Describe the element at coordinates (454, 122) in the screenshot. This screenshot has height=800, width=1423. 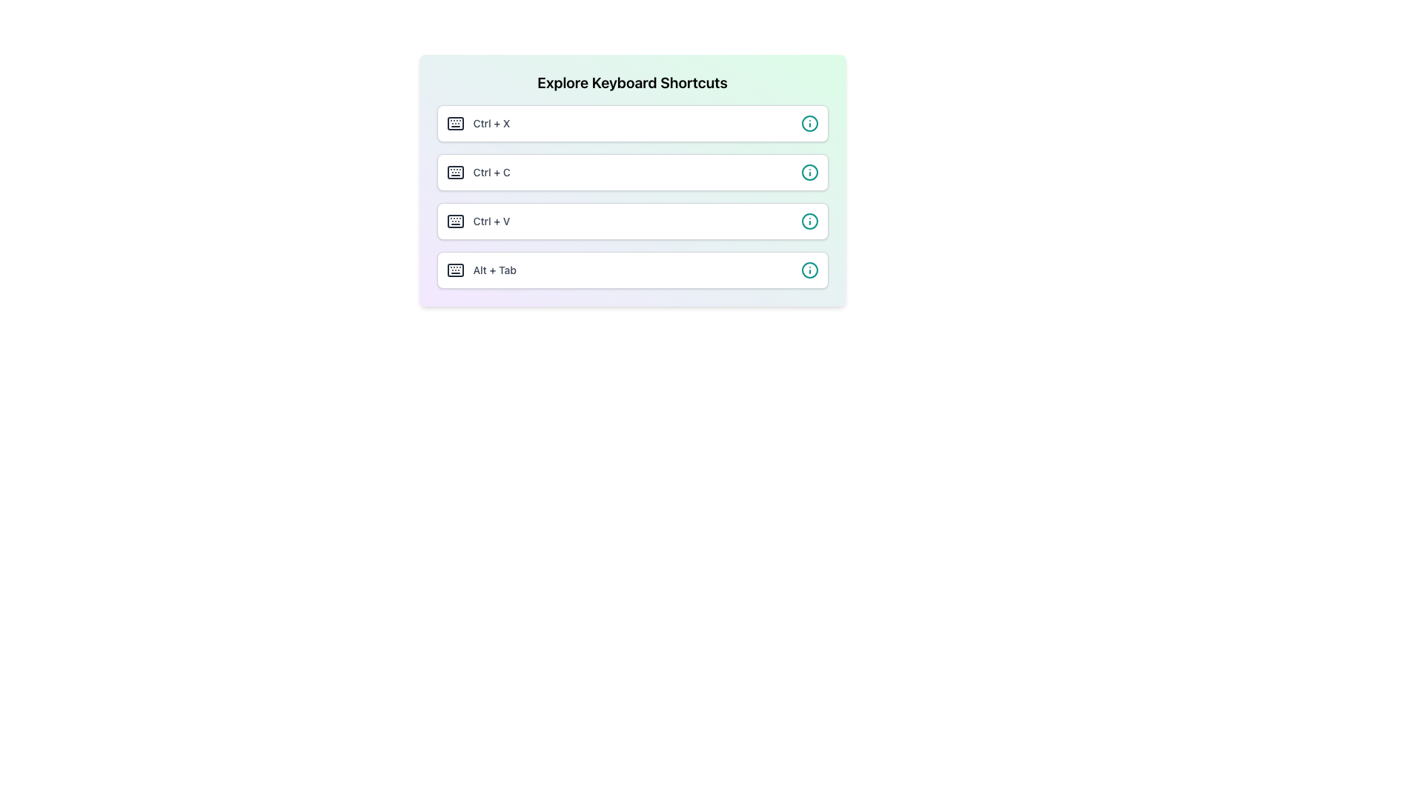
I see `the associated keyboard shortcut` at that location.